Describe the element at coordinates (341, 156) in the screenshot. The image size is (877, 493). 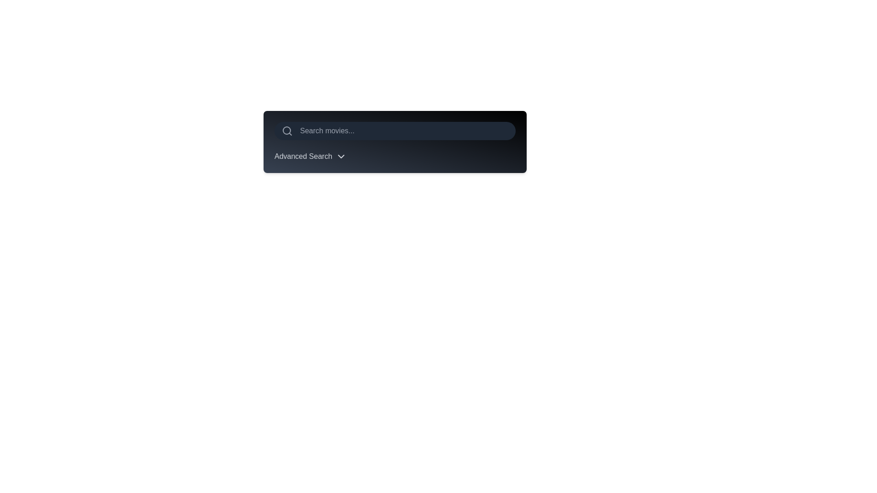
I see `the chevron icon next to the 'Advanced Search' text` at that location.